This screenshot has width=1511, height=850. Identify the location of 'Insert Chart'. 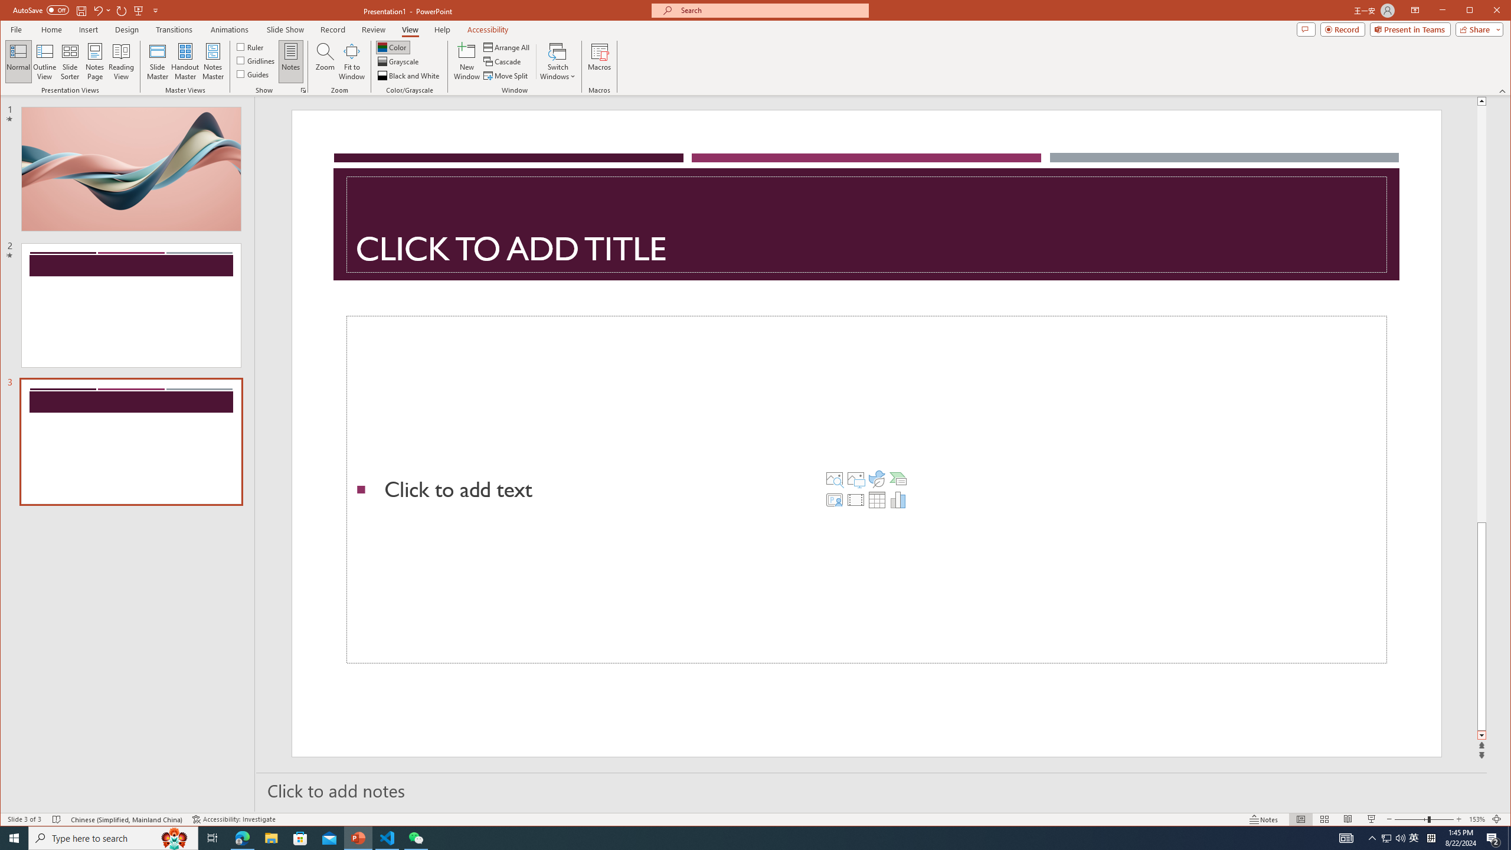
(897, 499).